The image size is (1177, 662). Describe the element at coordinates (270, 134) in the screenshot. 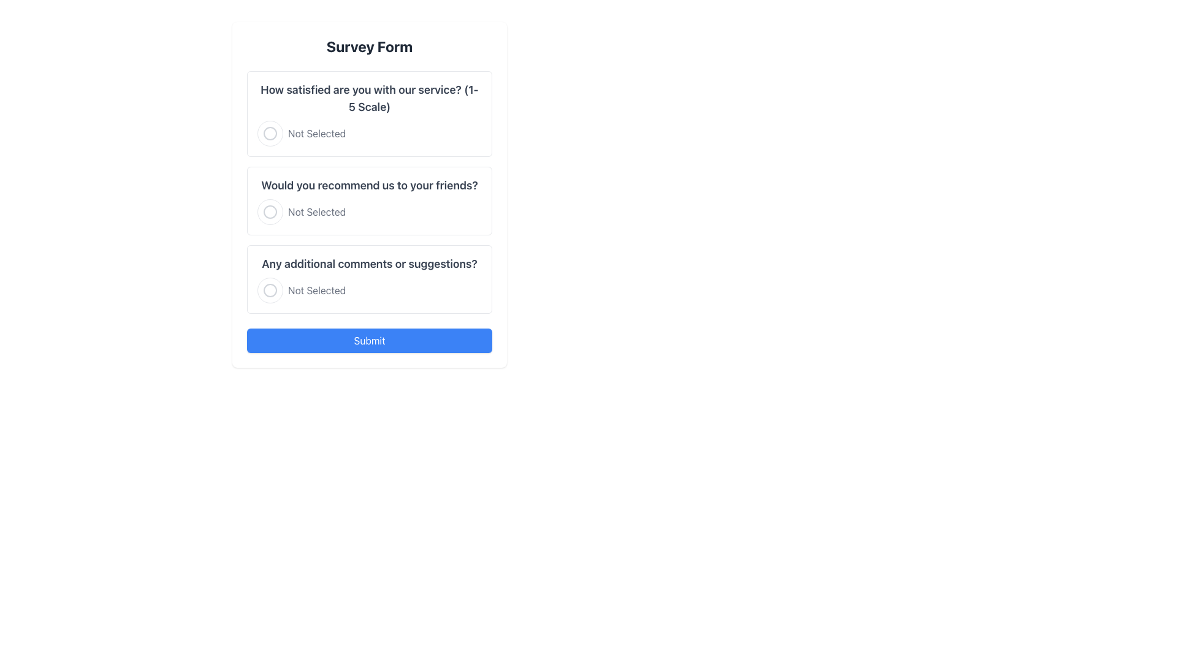

I see `the selection indicator of the first radio button for the question 'How satisfied are you with our service? (1-5 Scale)'` at that location.